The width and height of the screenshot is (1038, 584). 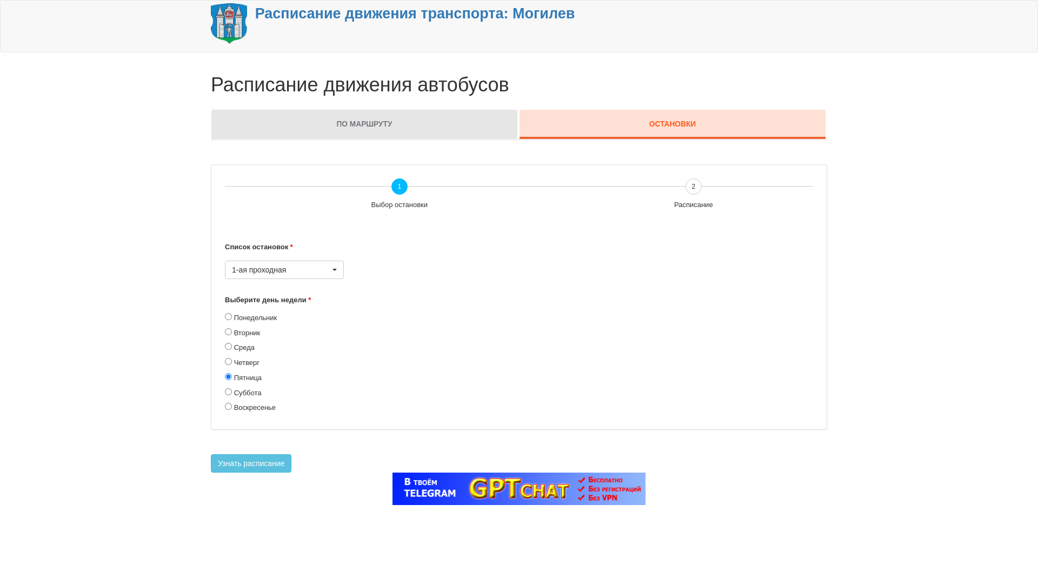 What do you see at coordinates (228, 23) in the screenshot?
I see `'Home'` at bounding box center [228, 23].